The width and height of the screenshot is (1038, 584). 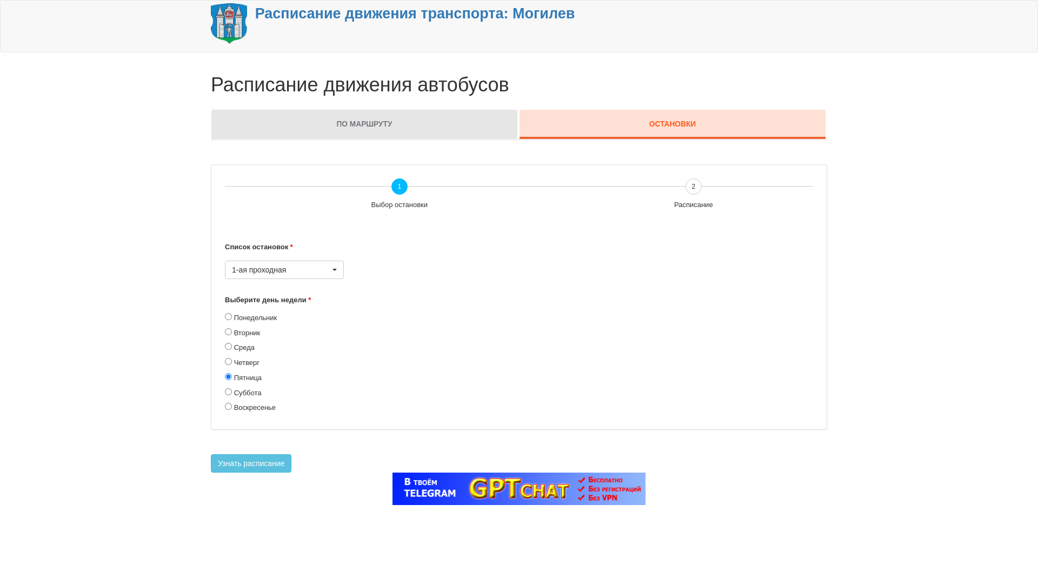 What do you see at coordinates (228, 23) in the screenshot?
I see `'Home'` at bounding box center [228, 23].